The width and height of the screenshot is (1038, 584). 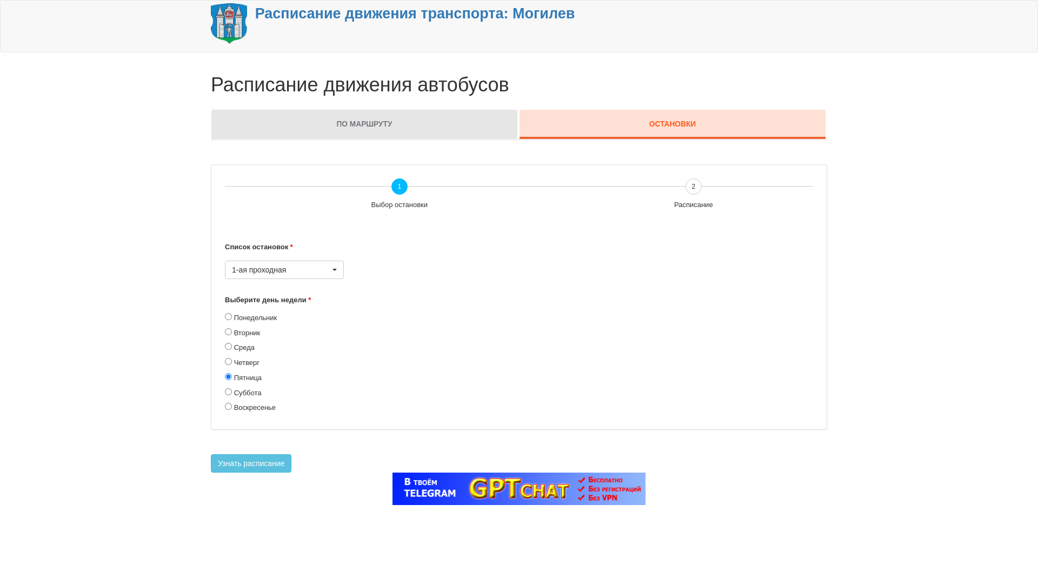 What do you see at coordinates (228, 23) in the screenshot?
I see `'Home'` at bounding box center [228, 23].